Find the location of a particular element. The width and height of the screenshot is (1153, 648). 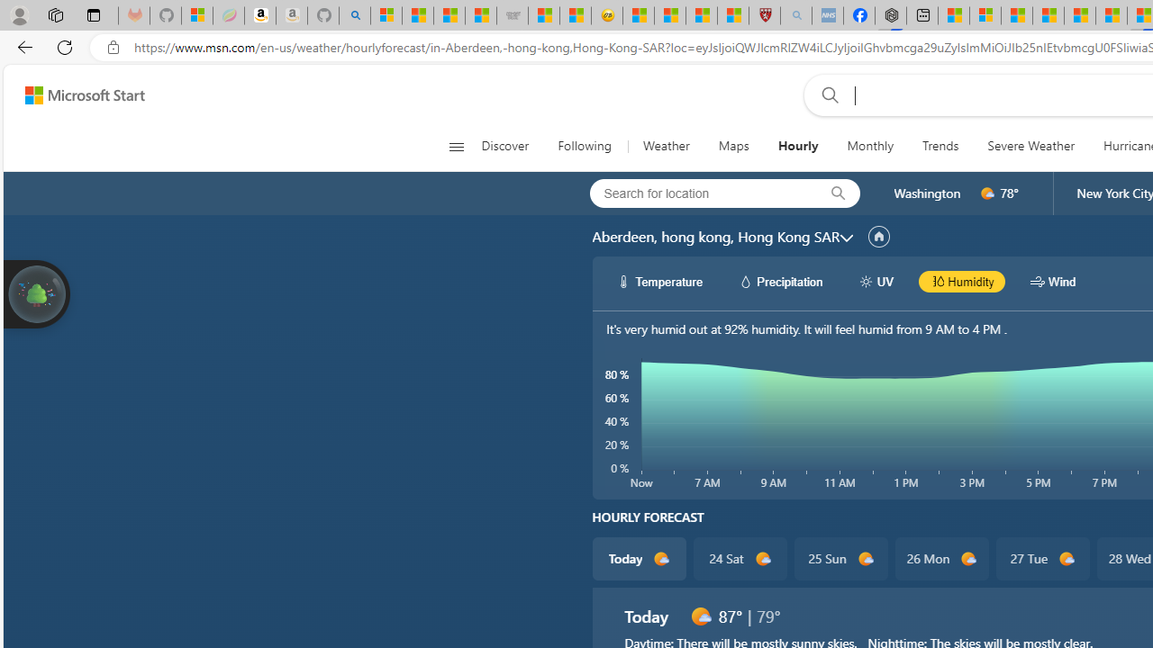

'd1000' is located at coordinates (699, 616).